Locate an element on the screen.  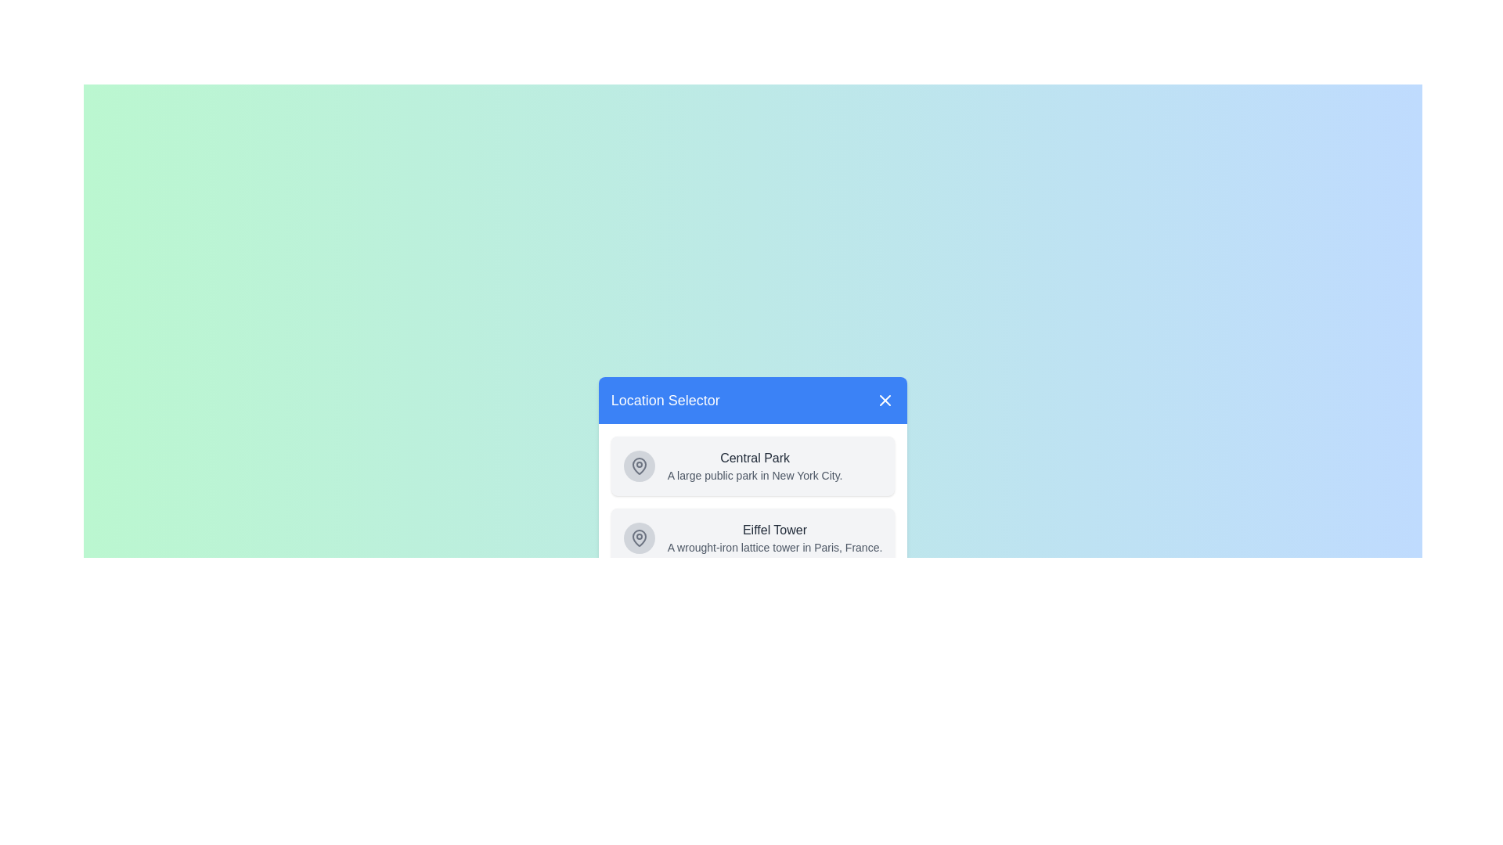
the location Eiffel Tower from the list is located at coordinates (752, 537).